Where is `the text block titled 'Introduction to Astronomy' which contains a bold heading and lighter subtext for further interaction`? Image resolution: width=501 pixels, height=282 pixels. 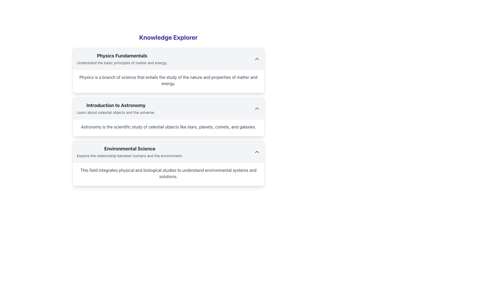 the text block titled 'Introduction to Astronomy' which contains a bold heading and lighter subtext for further interaction is located at coordinates (116, 108).